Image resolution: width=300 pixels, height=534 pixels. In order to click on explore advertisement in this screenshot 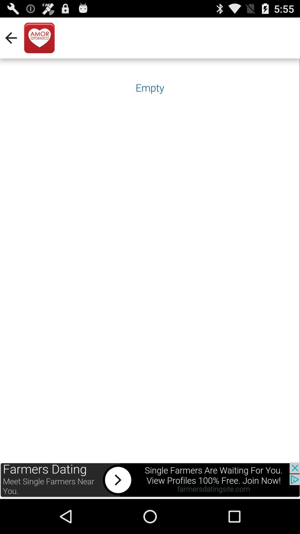, I will do `click(150, 480)`.